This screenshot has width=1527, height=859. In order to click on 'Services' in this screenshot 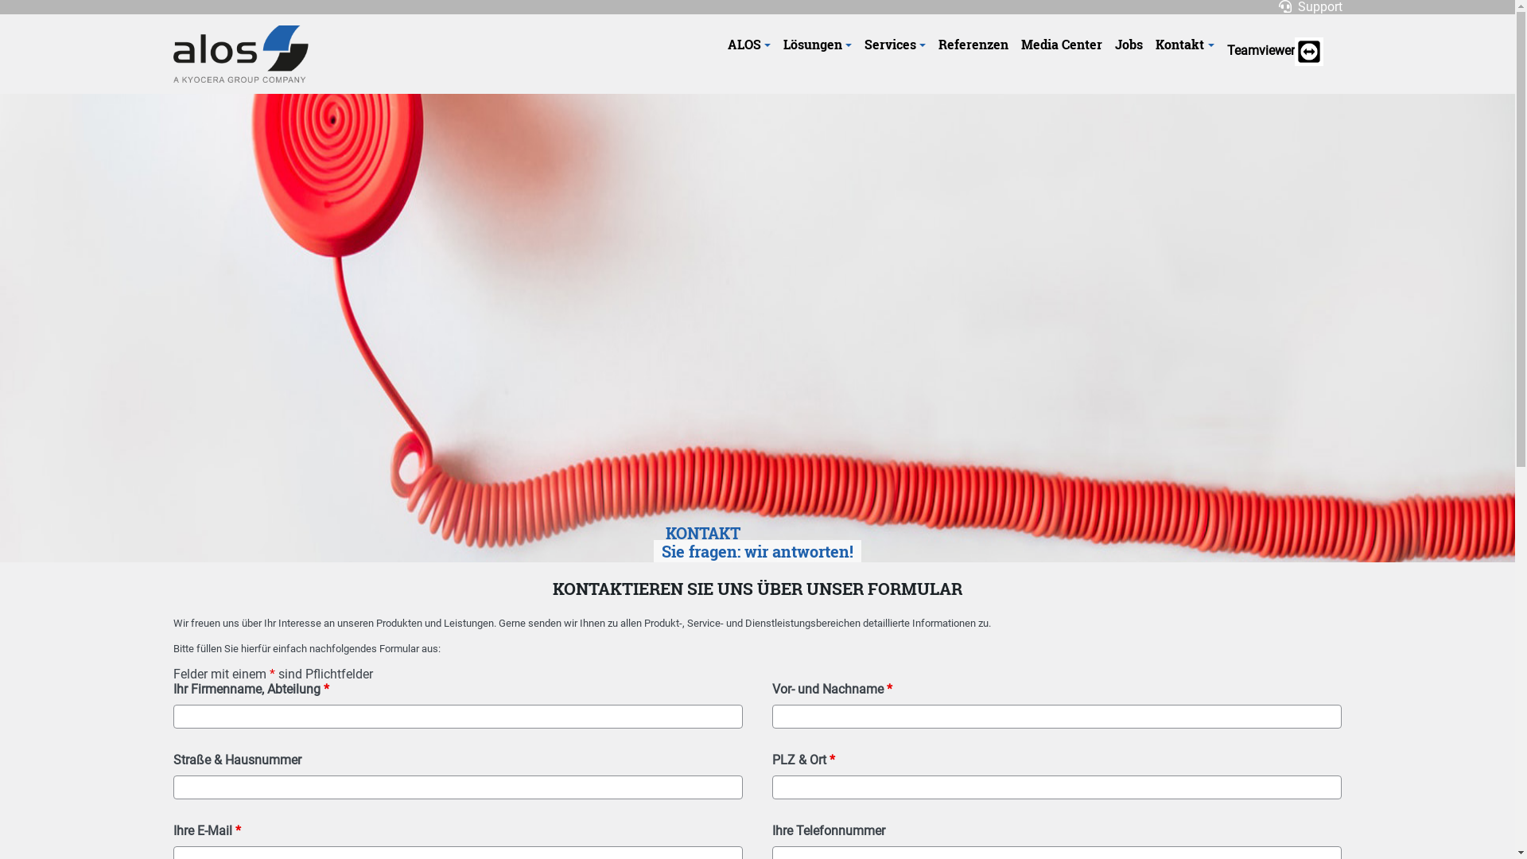, I will do `click(895, 44)`.